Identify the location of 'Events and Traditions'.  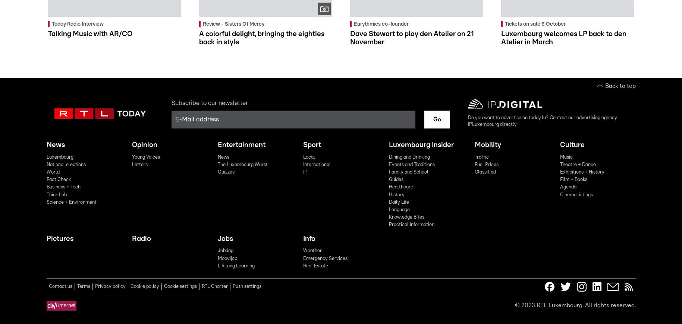
(411, 164).